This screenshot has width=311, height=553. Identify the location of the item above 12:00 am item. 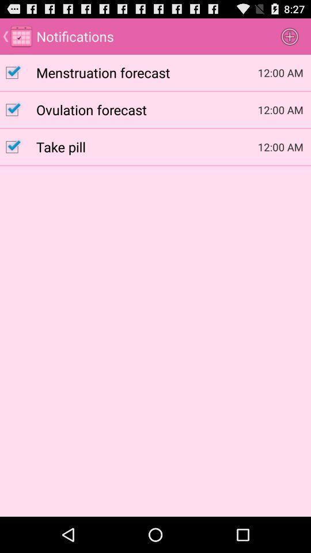
(289, 36).